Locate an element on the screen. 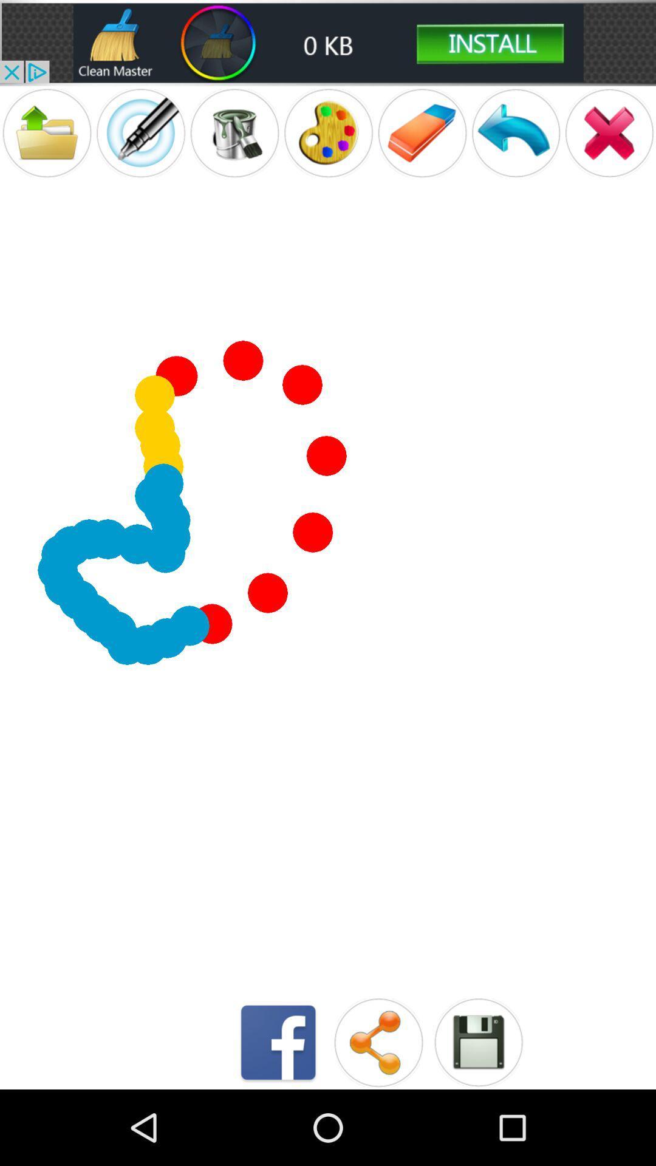 The height and width of the screenshot is (1166, 656). the share icon is located at coordinates (378, 1116).